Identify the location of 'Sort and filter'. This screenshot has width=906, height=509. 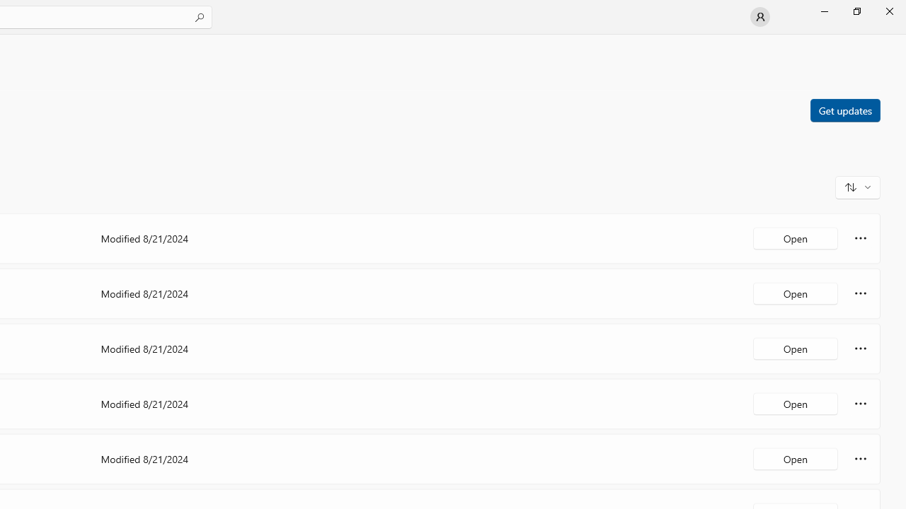
(857, 186).